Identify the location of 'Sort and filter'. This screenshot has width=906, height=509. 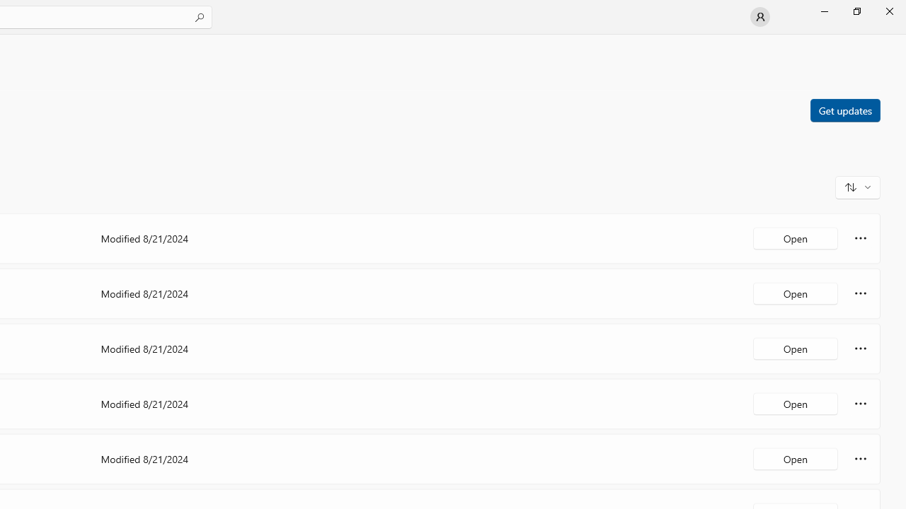
(857, 186).